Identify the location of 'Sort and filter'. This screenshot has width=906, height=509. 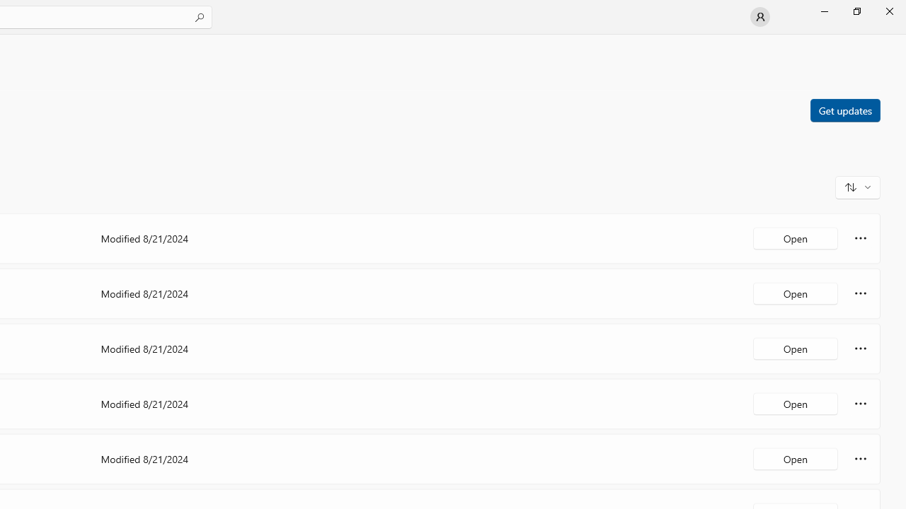
(857, 186).